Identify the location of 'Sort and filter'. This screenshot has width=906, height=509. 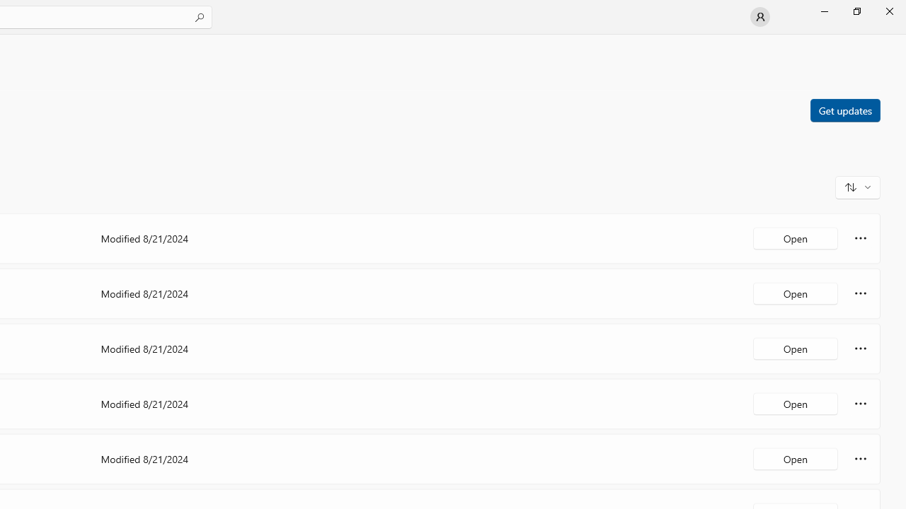
(857, 186).